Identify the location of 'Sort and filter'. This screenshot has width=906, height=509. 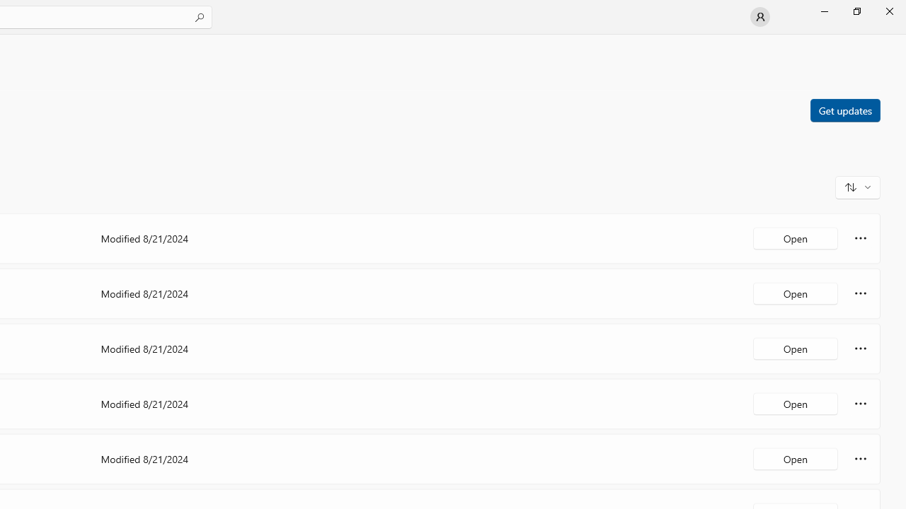
(857, 186).